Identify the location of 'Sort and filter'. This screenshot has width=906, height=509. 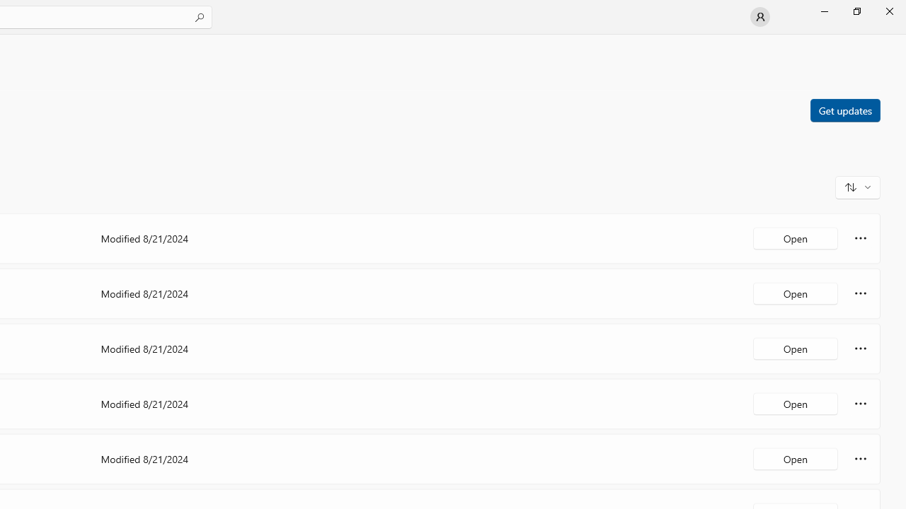
(857, 186).